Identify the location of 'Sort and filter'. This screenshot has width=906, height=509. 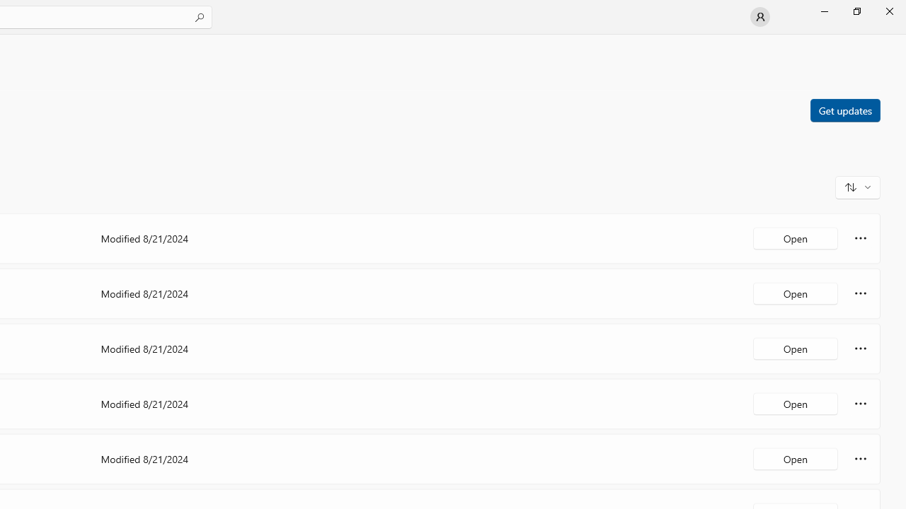
(857, 186).